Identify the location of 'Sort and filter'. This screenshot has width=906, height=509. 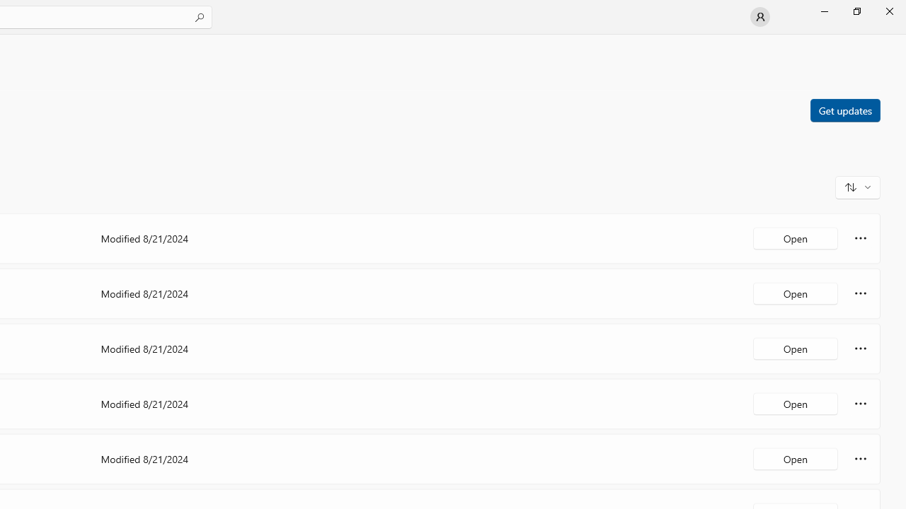
(857, 186).